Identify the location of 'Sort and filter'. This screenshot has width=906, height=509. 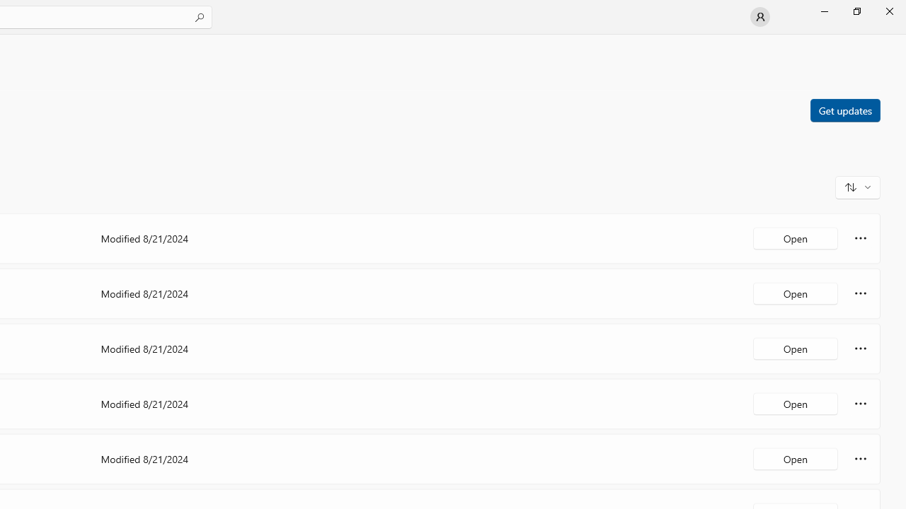
(857, 186).